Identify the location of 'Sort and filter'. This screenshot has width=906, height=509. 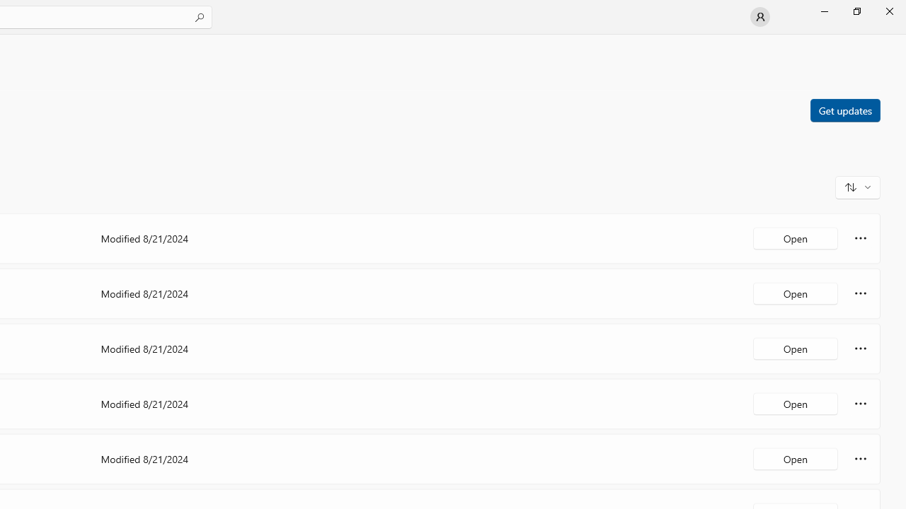
(857, 186).